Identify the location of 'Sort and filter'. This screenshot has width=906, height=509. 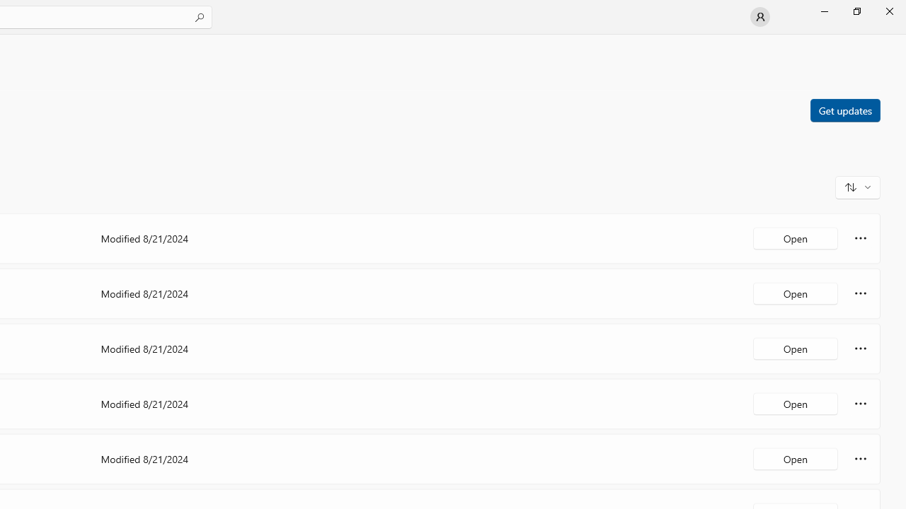
(857, 186).